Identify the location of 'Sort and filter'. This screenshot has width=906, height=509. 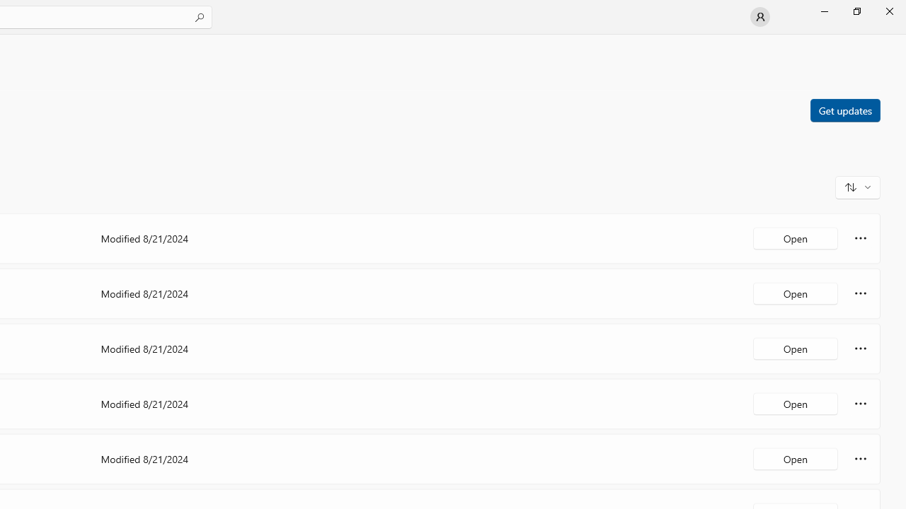
(857, 186).